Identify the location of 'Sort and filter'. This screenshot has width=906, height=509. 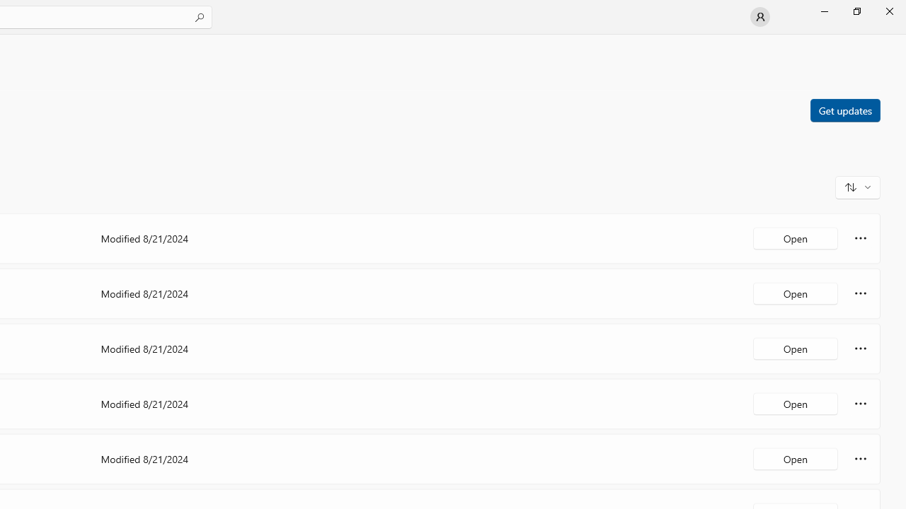
(857, 186).